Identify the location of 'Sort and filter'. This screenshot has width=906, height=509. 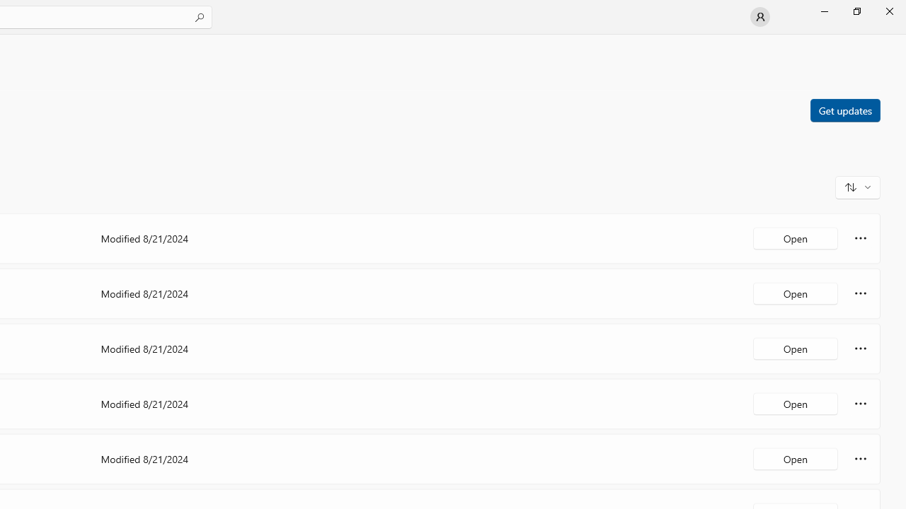
(857, 186).